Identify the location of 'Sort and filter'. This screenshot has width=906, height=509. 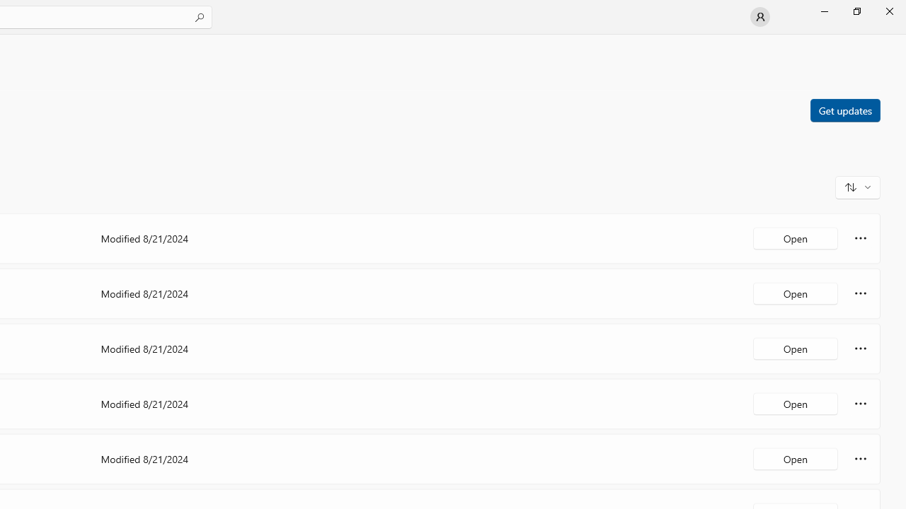
(857, 186).